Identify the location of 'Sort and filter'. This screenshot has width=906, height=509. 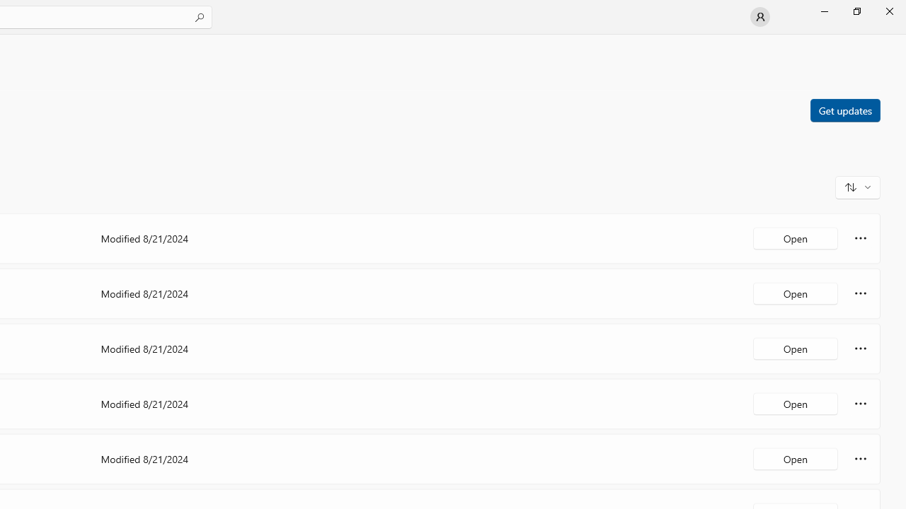
(857, 186).